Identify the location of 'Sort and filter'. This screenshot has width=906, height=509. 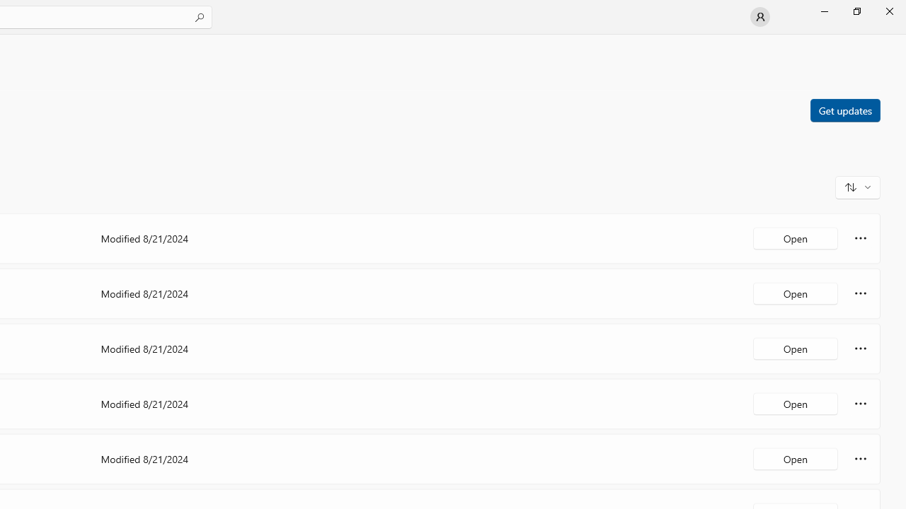
(857, 186).